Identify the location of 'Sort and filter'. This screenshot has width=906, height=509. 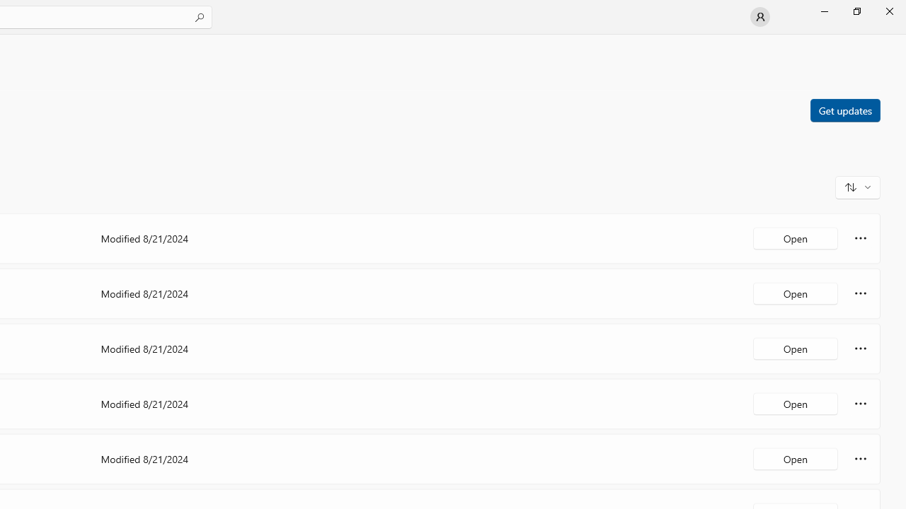
(857, 186).